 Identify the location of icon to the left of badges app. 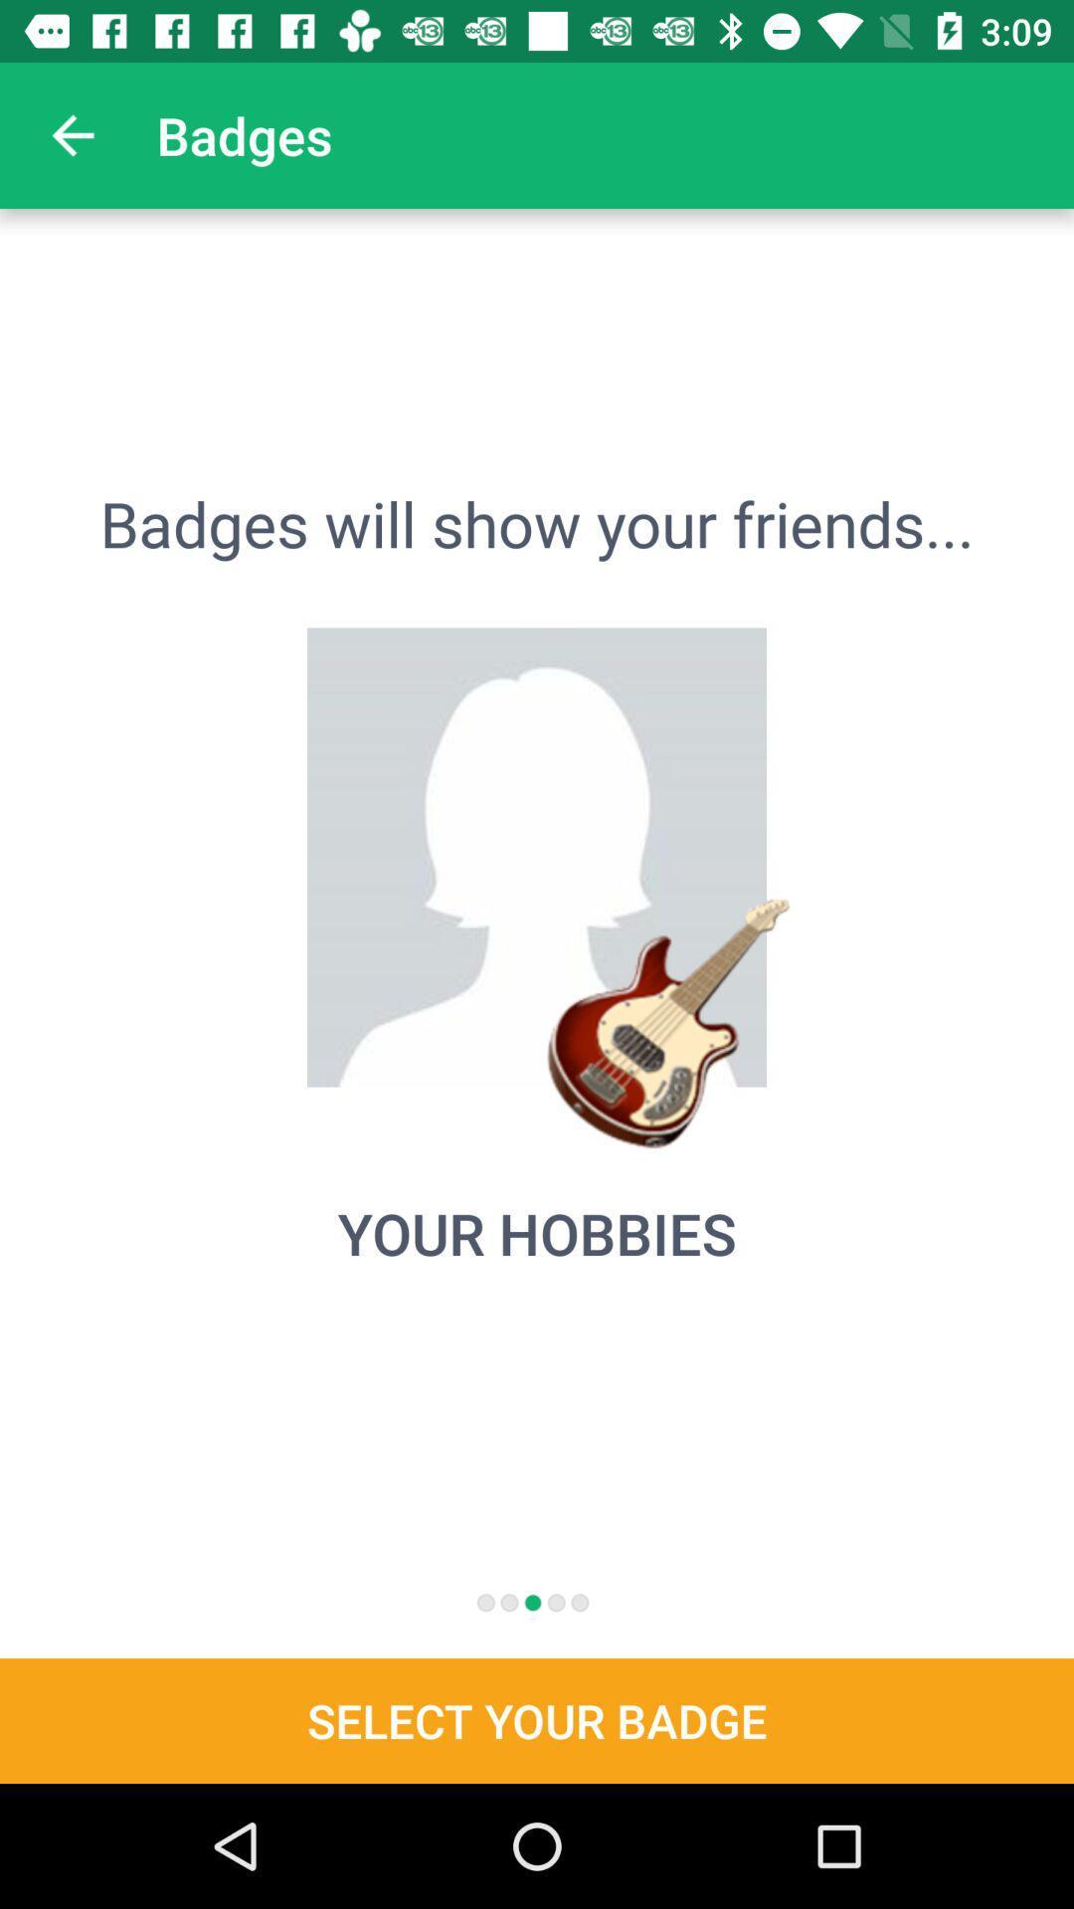
(72, 134).